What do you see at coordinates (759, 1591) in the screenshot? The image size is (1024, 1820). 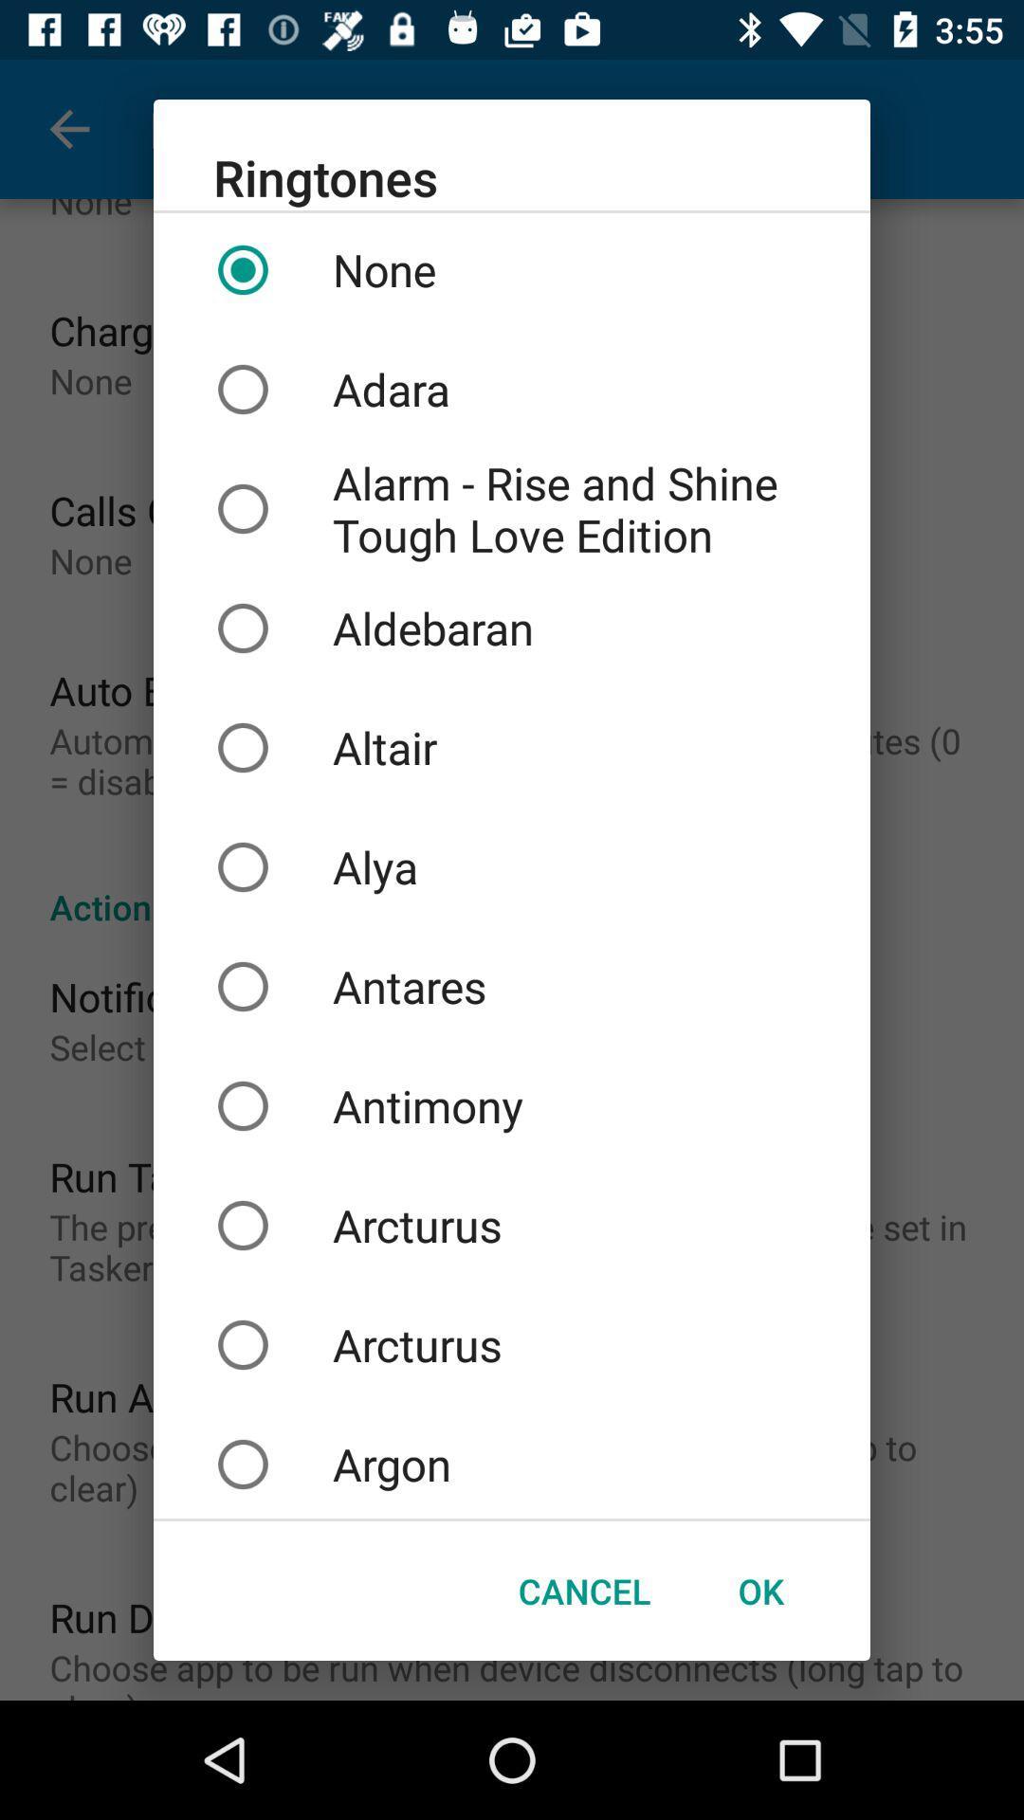 I see `ok at the bottom right corner` at bounding box center [759, 1591].